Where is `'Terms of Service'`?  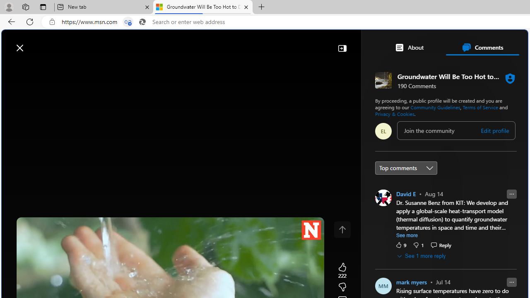 'Terms of Service' is located at coordinates (480, 106).